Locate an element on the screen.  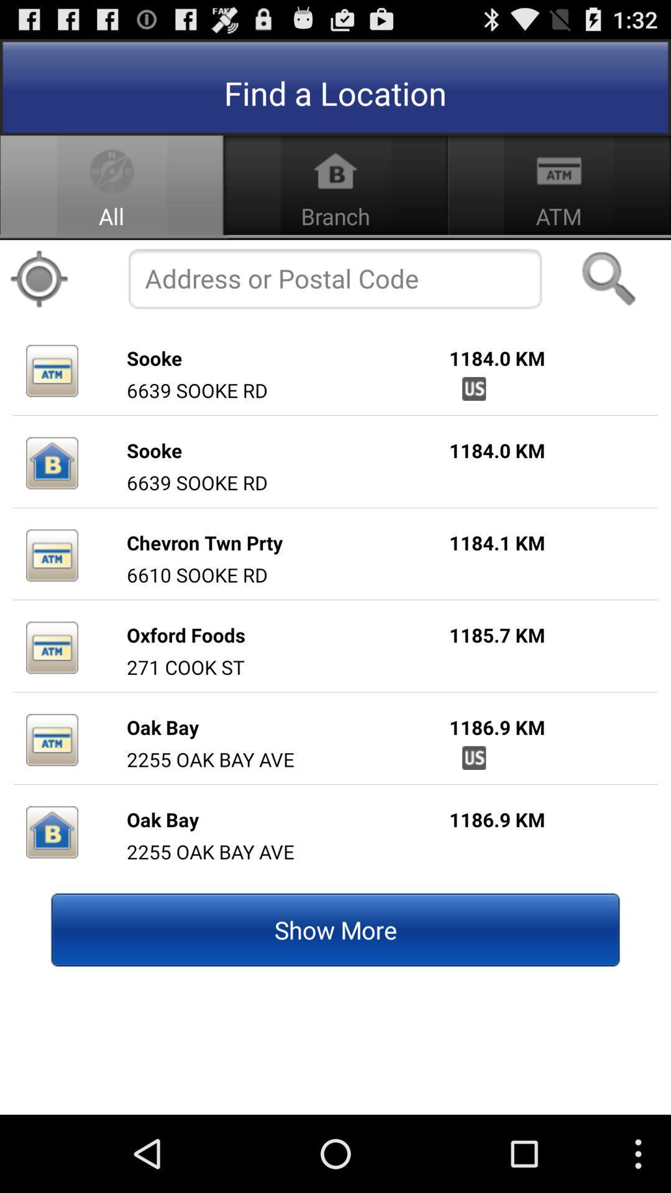
item to the left of all app is located at coordinates (38, 278).